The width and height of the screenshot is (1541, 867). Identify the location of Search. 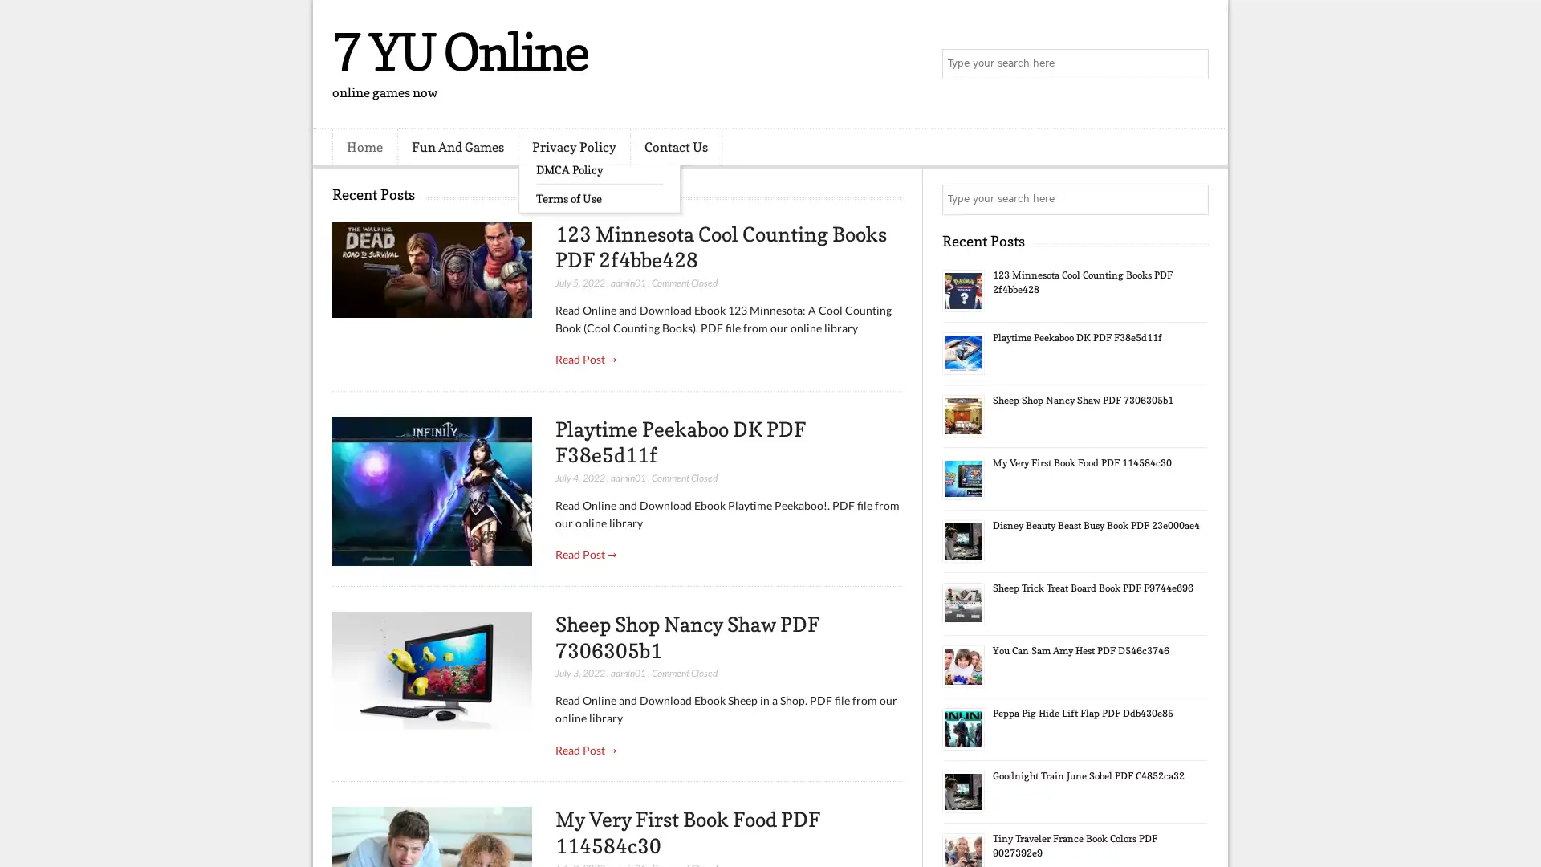
(1192, 199).